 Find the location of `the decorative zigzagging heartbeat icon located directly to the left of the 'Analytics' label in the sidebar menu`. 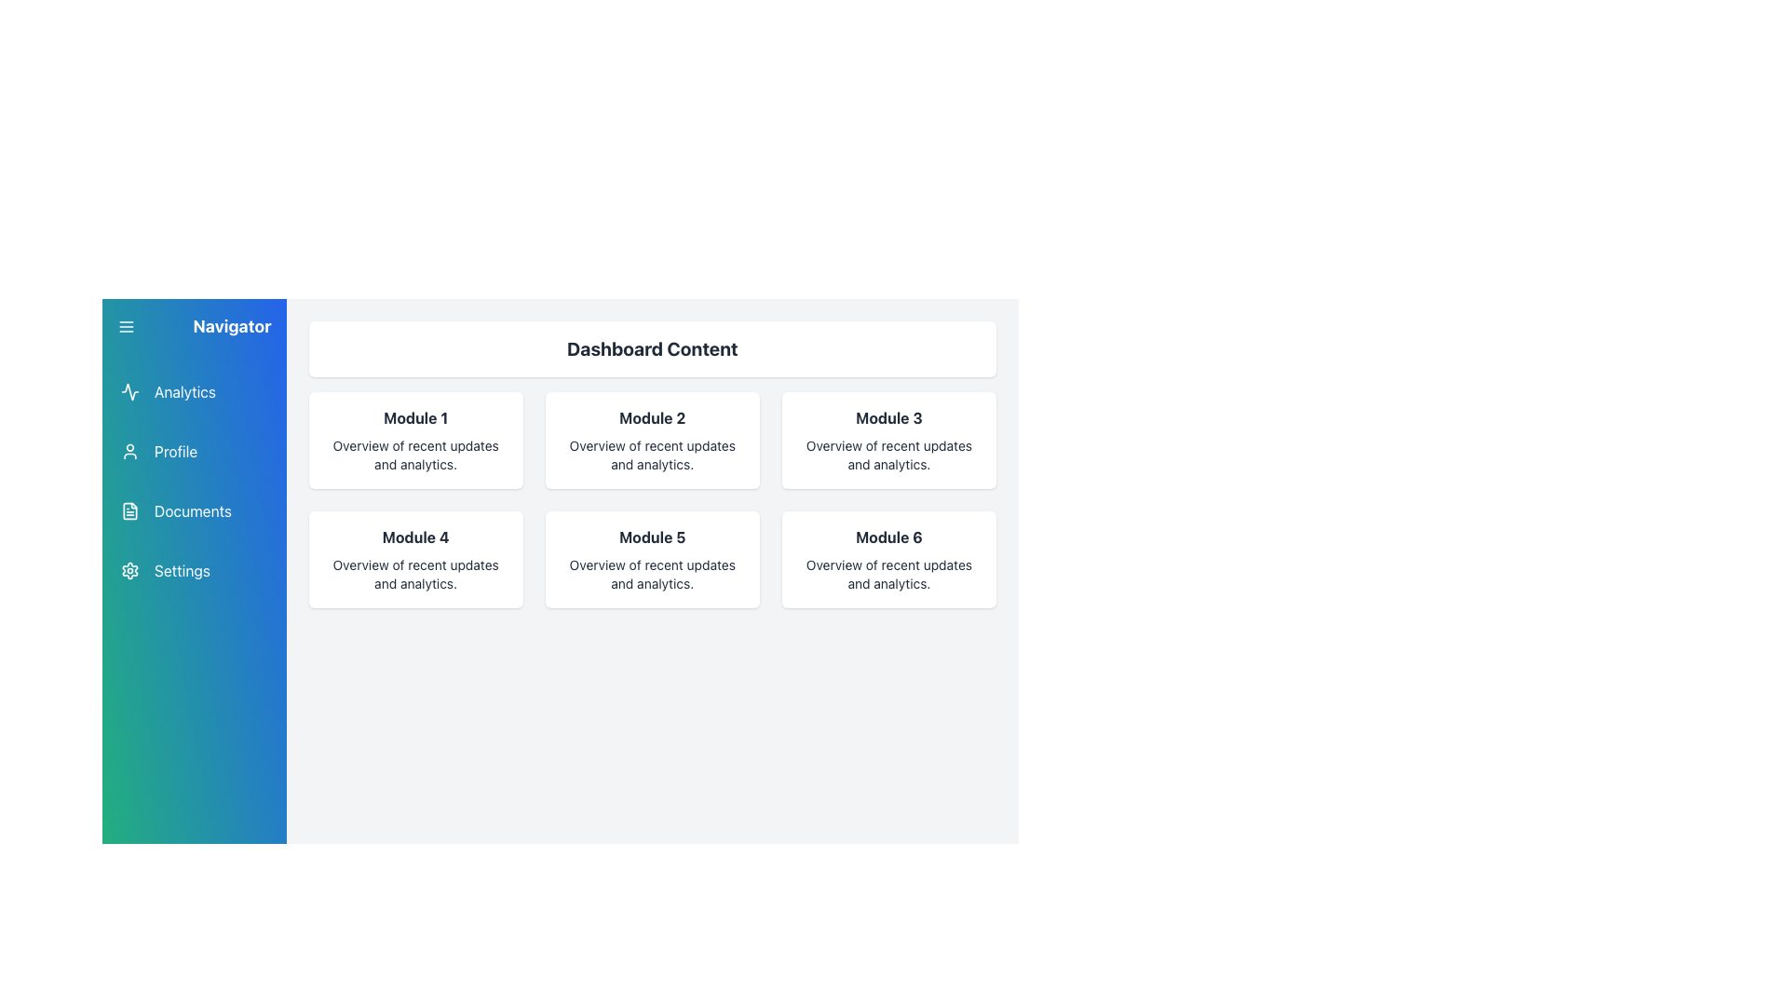

the decorative zigzagging heartbeat icon located directly to the left of the 'Analytics' label in the sidebar menu is located at coordinates (129, 390).